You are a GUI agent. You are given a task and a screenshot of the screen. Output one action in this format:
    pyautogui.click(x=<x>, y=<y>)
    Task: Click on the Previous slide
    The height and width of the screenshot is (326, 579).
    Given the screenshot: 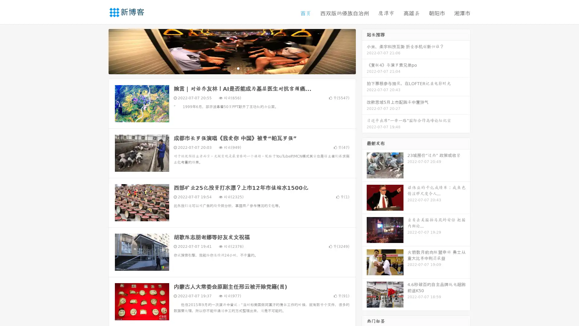 What is the action you would take?
    pyautogui.click(x=100, y=51)
    